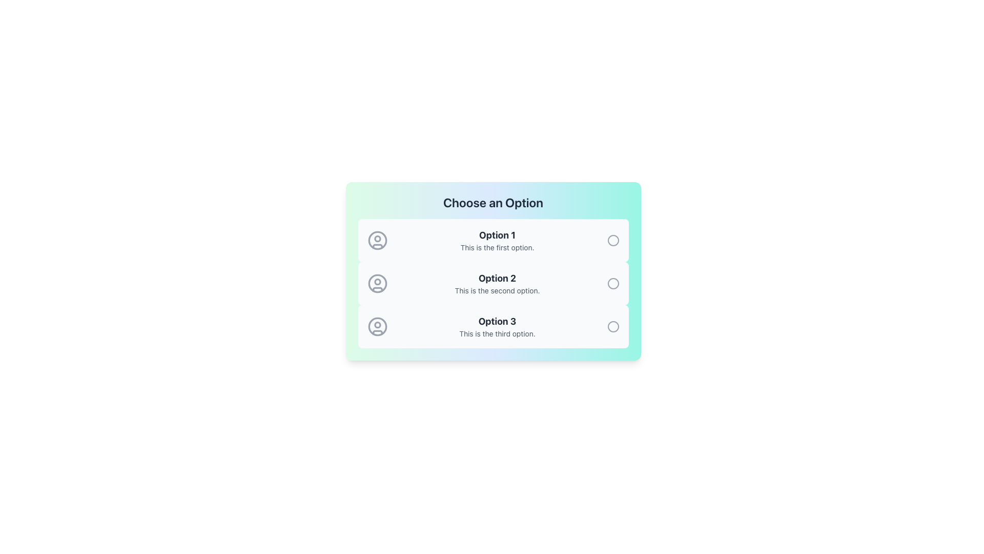 The image size is (984, 554). Describe the element at coordinates (613, 283) in the screenshot. I see `the radio button for 'Option 2', which is a circular gray icon located at the far-right side of the option label` at that location.